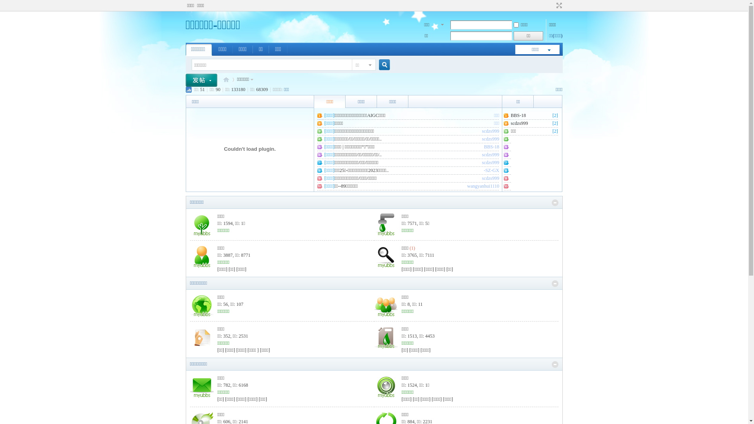 The width and height of the screenshot is (754, 424). I want to click on '    ', so click(204, 79).